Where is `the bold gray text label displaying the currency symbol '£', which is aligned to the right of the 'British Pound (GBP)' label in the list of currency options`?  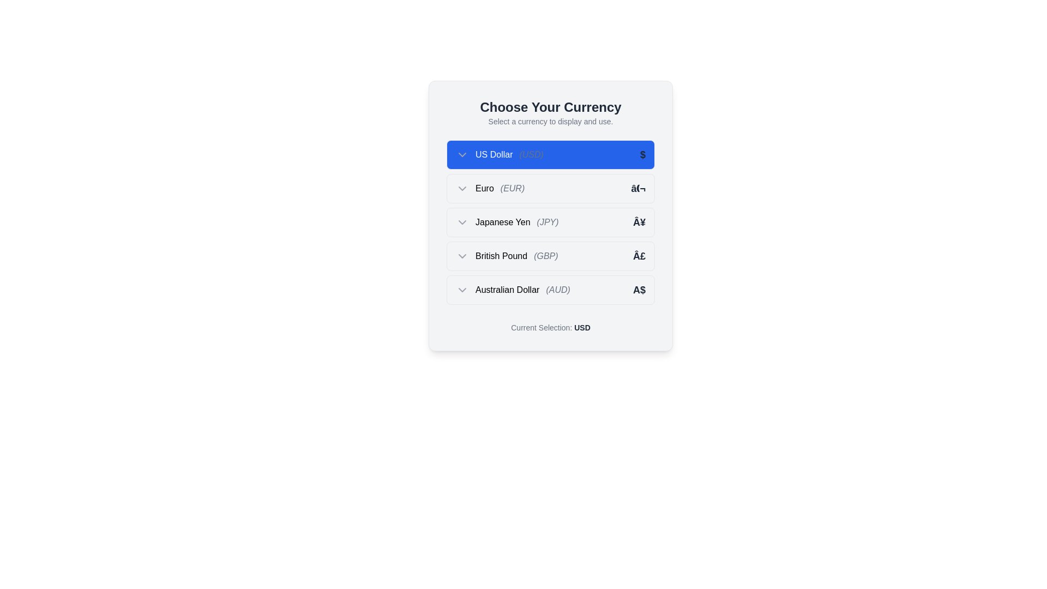 the bold gray text label displaying the currency symbol '£', which is aligned to the right of the 'British Pound (GBP)' label in the list of currency options is located at coordinates (639, 256).